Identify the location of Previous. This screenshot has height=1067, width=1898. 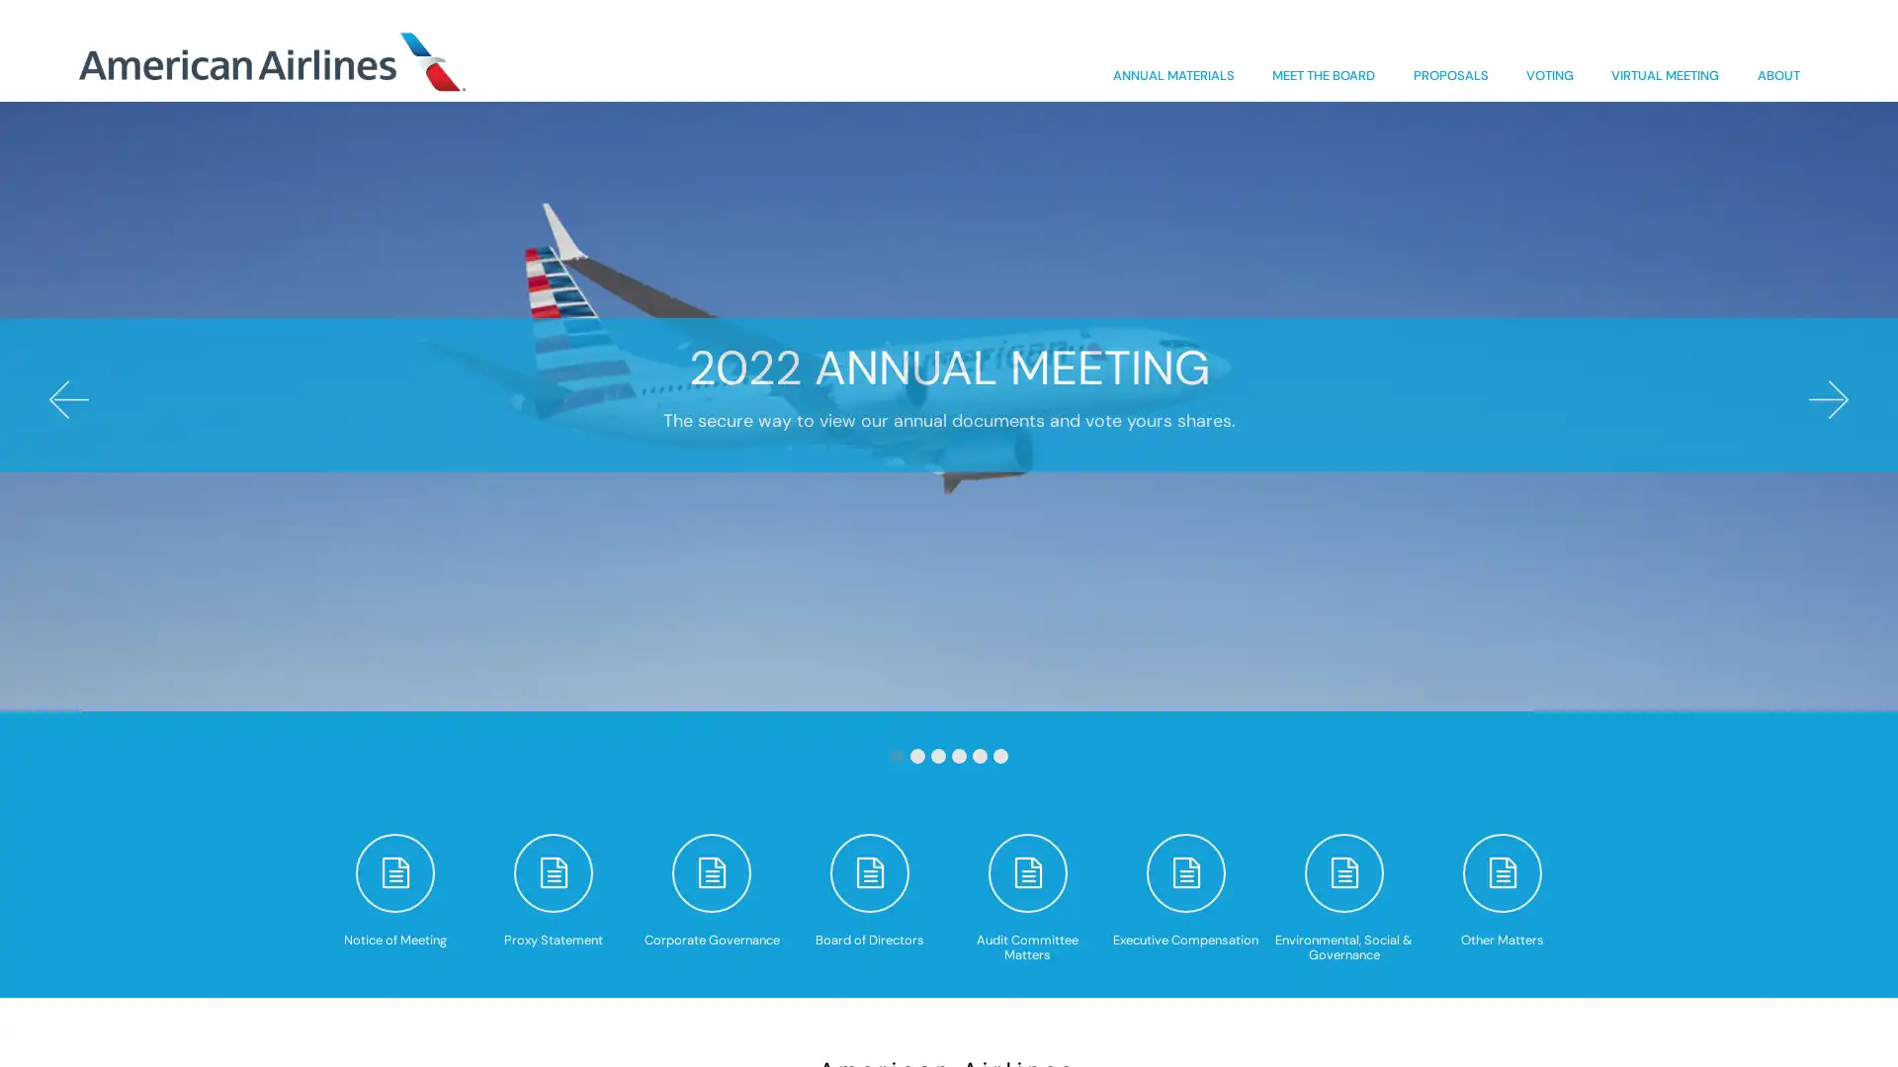
(69, 400).